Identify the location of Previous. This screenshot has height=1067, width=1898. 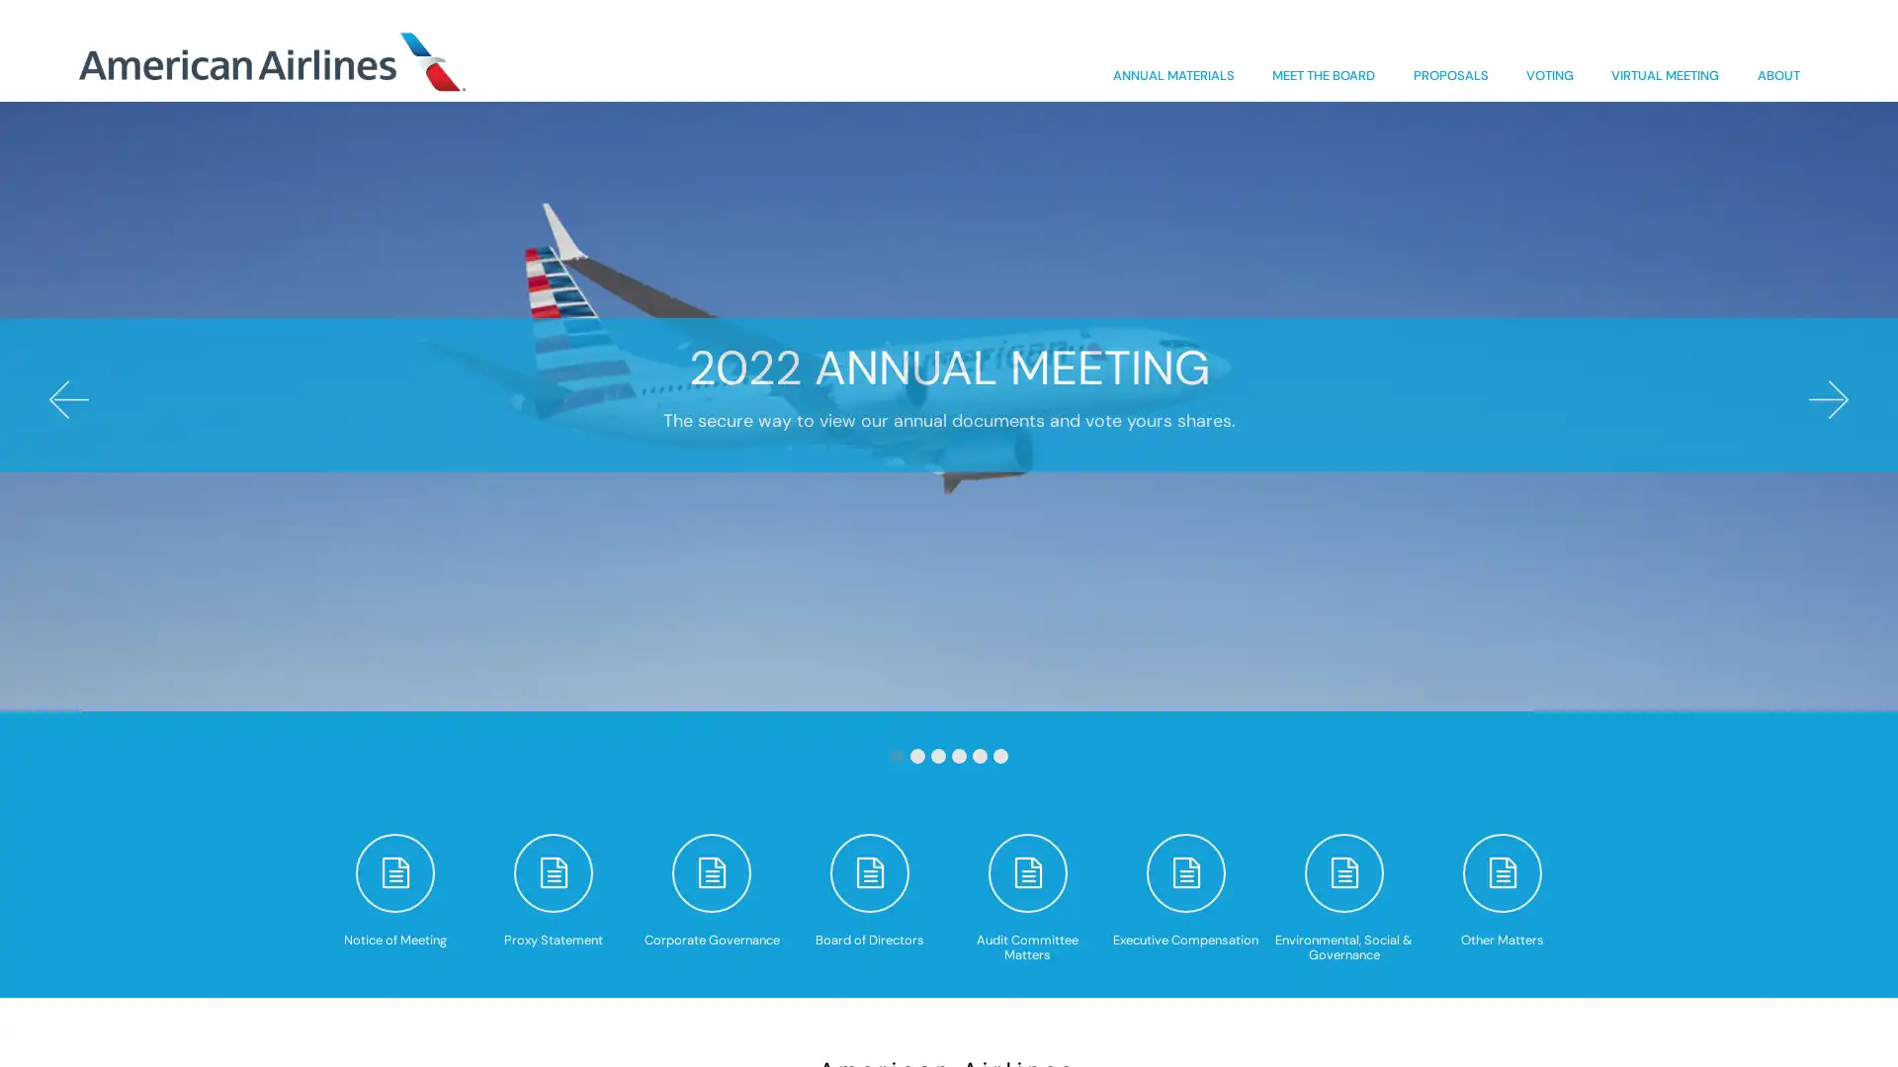
(69, 400).